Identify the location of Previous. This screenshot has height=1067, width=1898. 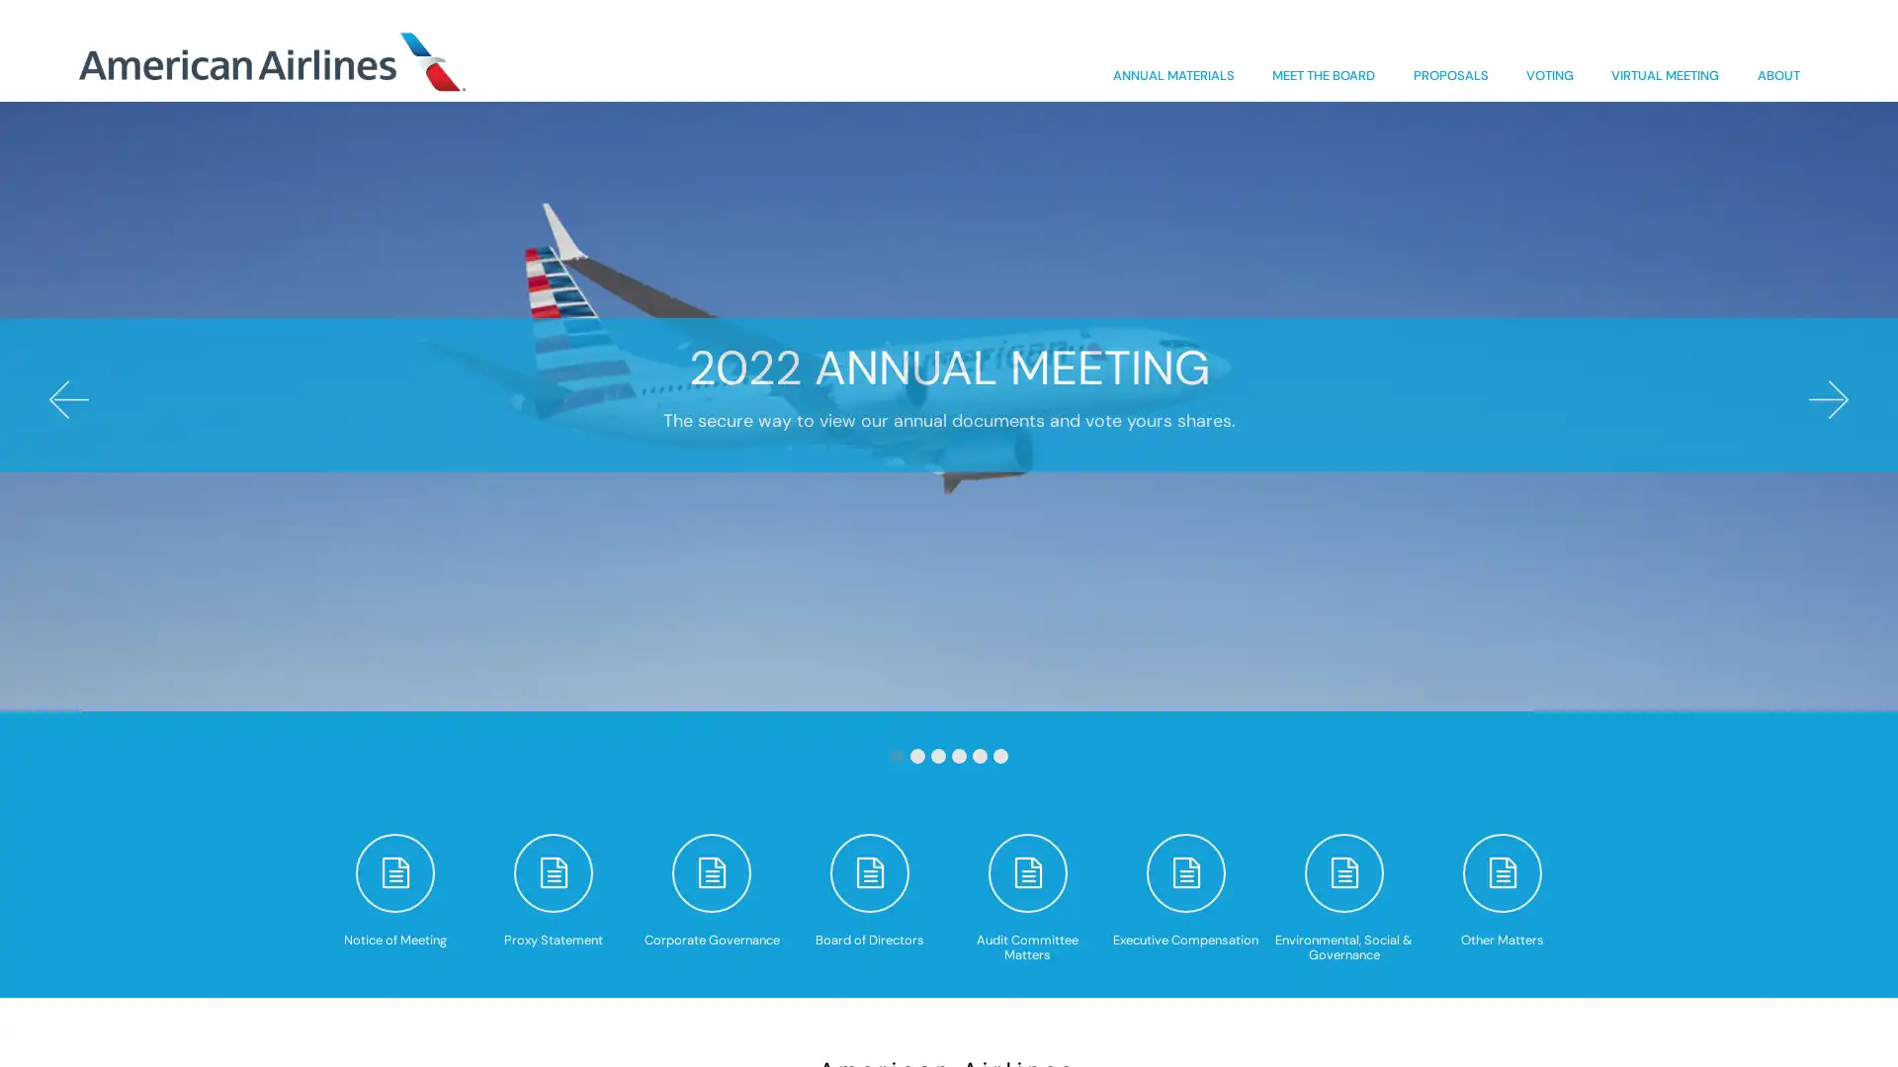
(69, 400).